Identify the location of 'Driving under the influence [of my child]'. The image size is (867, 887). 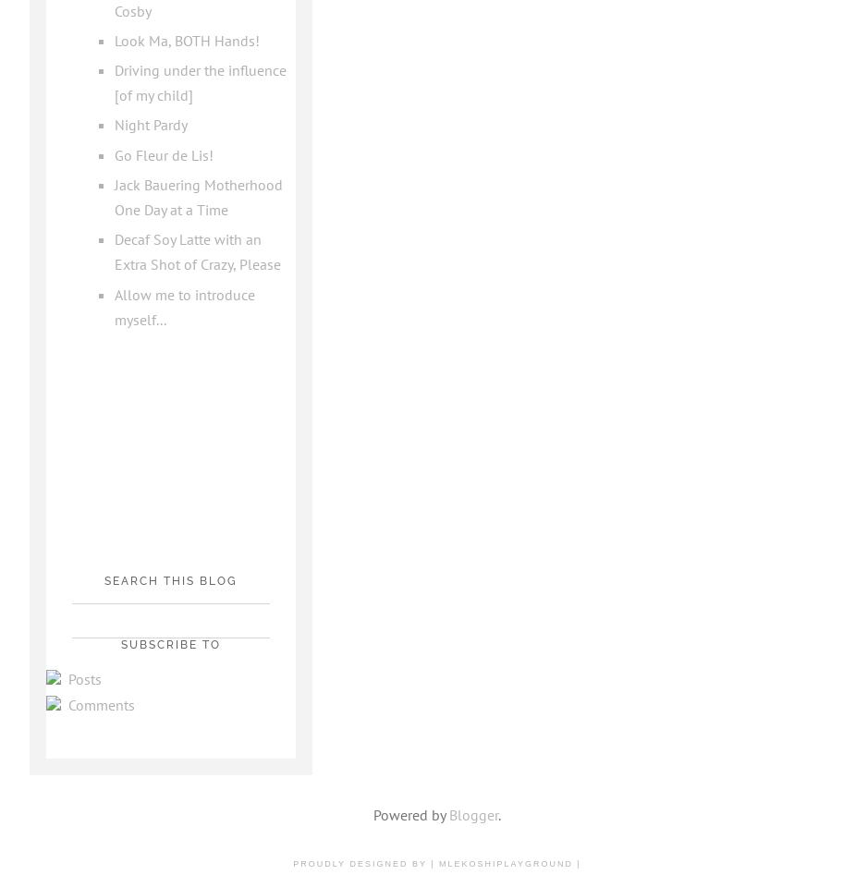
(200, 82).